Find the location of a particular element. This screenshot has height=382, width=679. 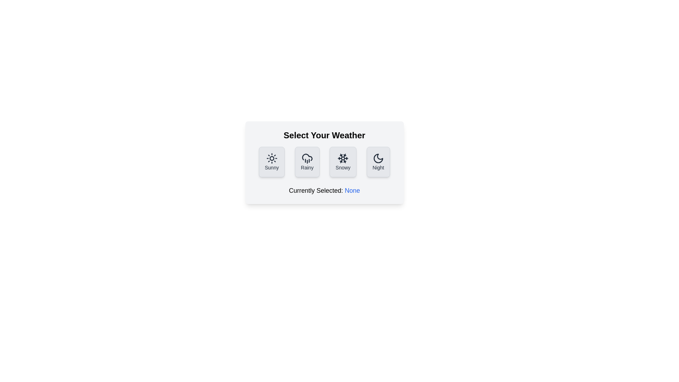

the 'Rainy' button, which is a rectangular button with rounded corners, featuring a rain icon and the text label 'Rainy' beneath it is located at coordinates (307, 162).